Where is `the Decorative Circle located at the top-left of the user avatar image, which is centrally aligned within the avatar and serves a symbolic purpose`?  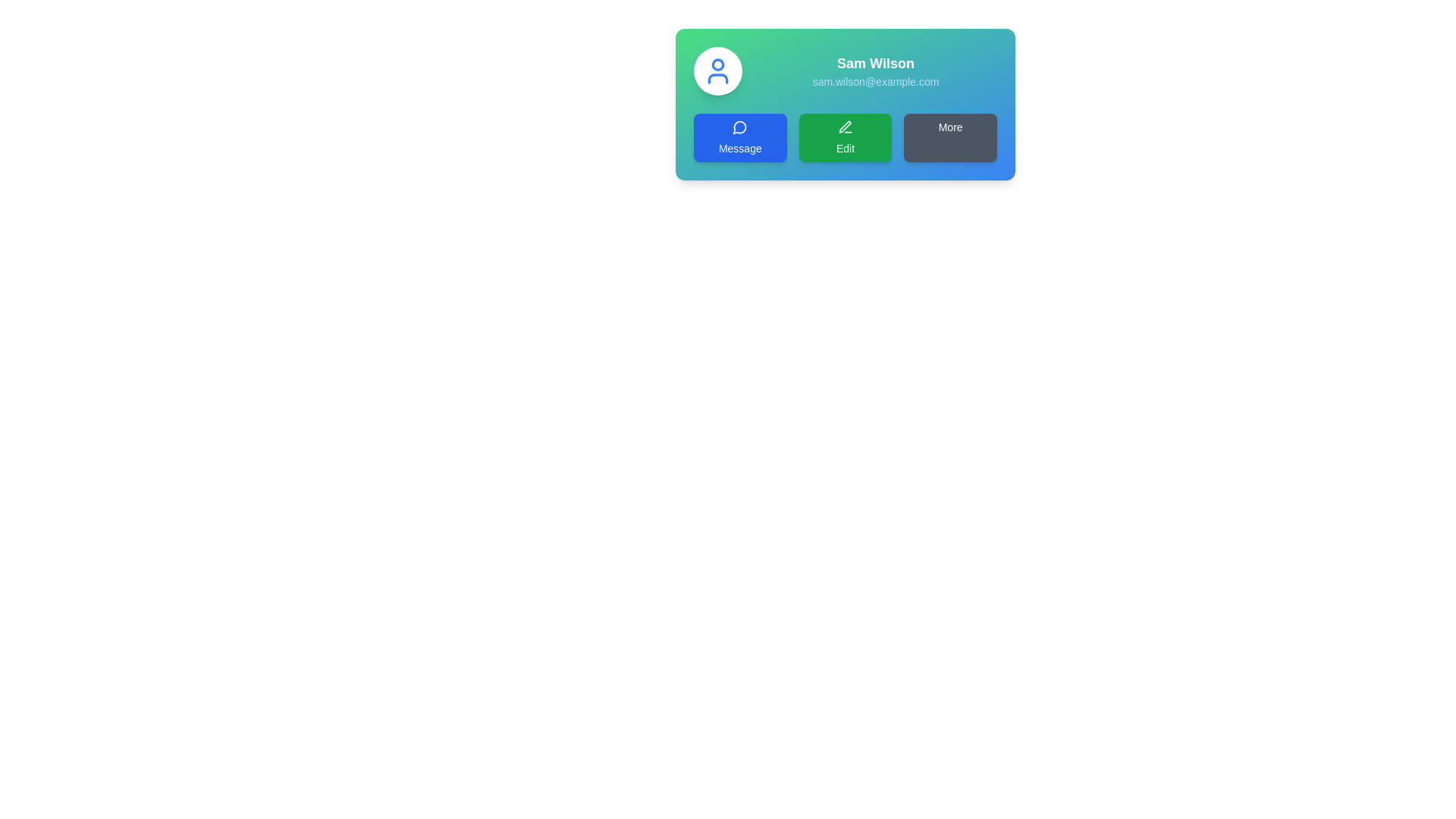
the Decorative Circle located at the top-left of the user avatar image, which is centrally aligned within the avatar and serves a symbolic purpose is located at coordinates (717, 63).